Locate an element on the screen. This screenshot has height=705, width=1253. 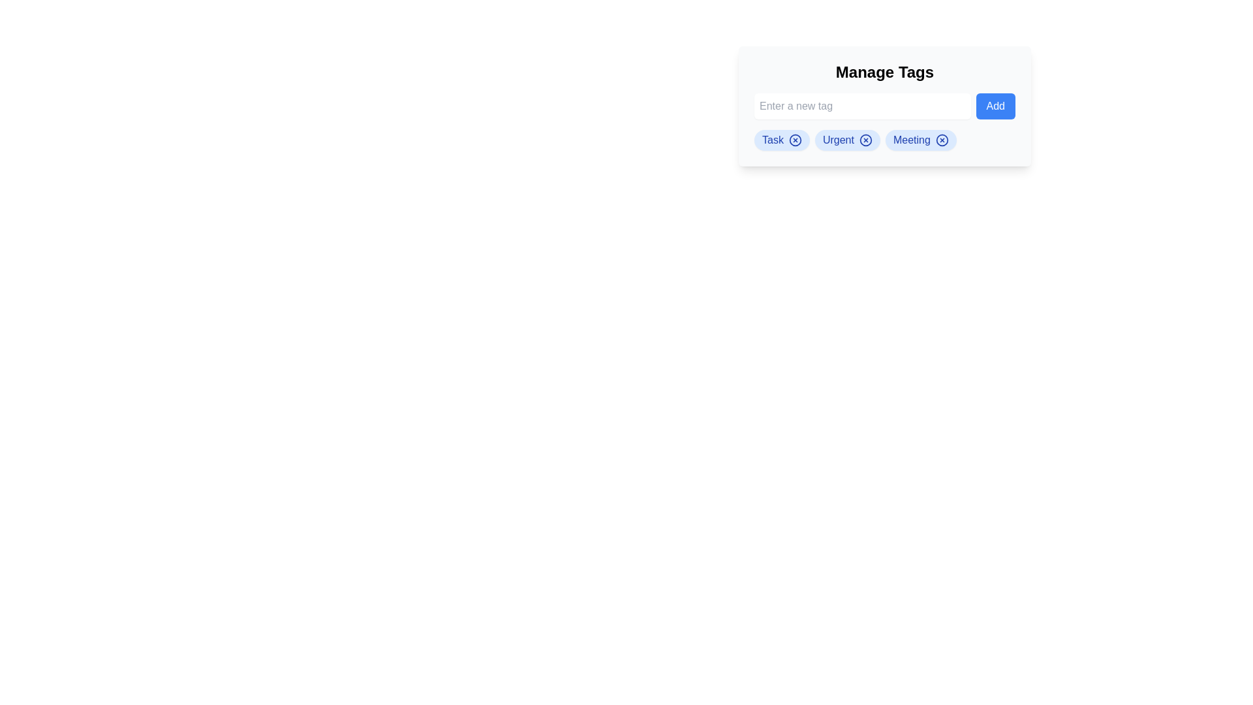
the bold, centered text displaying 'Manage Tags' at the top of the panel is located at coordinates (885, 72).